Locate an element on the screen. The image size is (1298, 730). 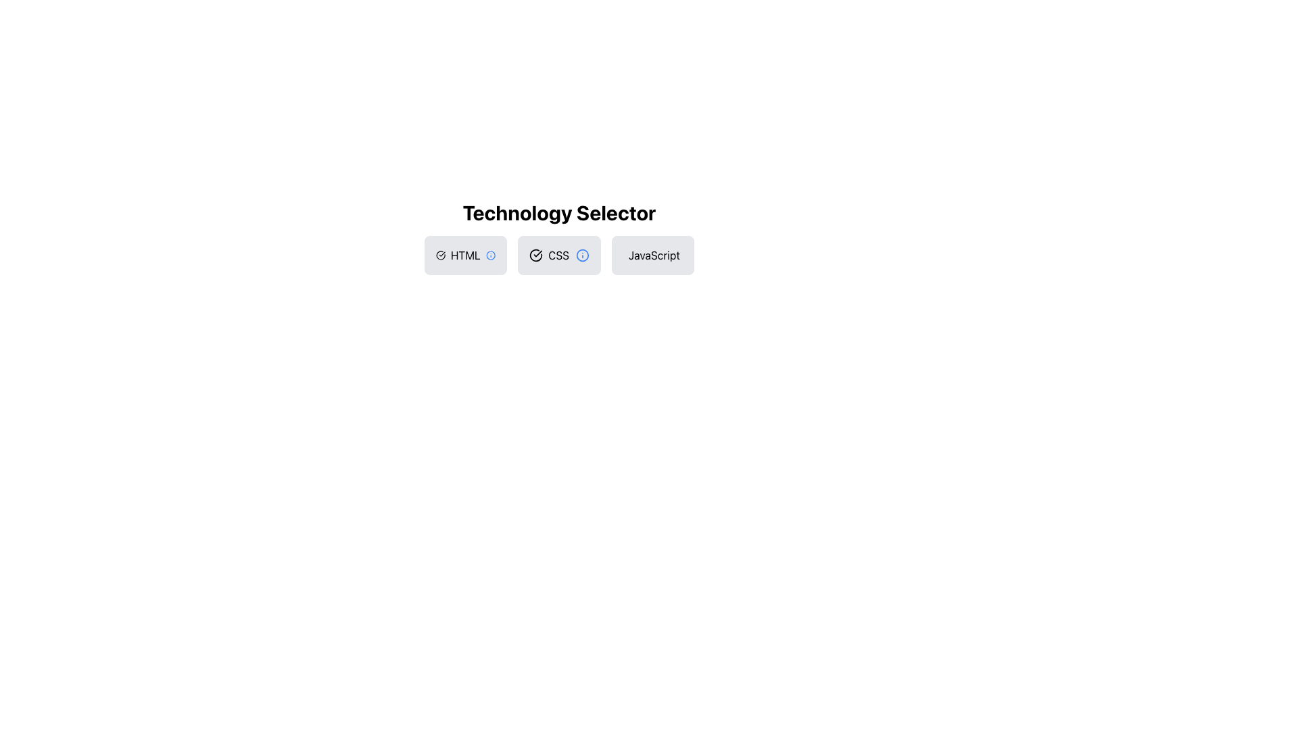
the circular decorative element located at the far right of the 'JavaScript' button, which enhances the visual appeal of the button is located at coordinates (693, 257).